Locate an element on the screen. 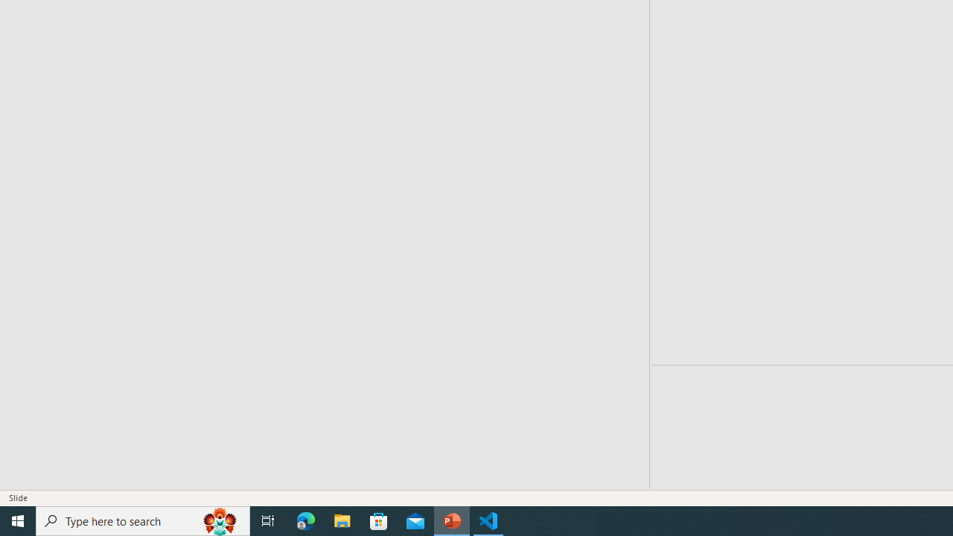 Image resolution: width=953 pixels, height=536 pixels. 'PowerPoint - 1 running window' is located at coordinates (451, 520).